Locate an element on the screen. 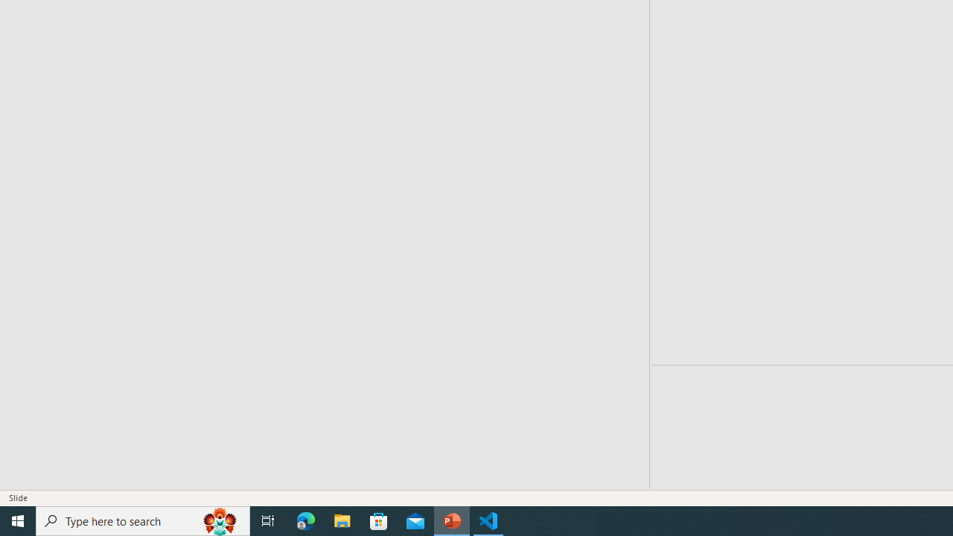 Image resolution: width=953 pixels, height=536 pixels. 'PowerPoint - 1 running window' is located at coordinates (451, 520).